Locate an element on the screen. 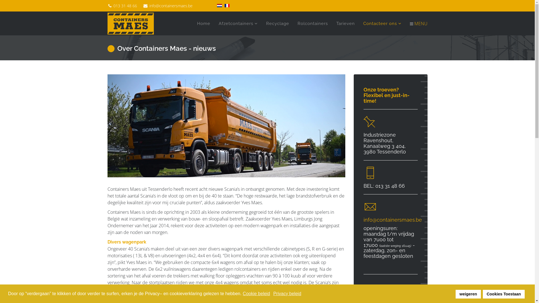 The height and width of the screenshot is (303, 539). 'weigeren' is located at coordinates (468, 294).